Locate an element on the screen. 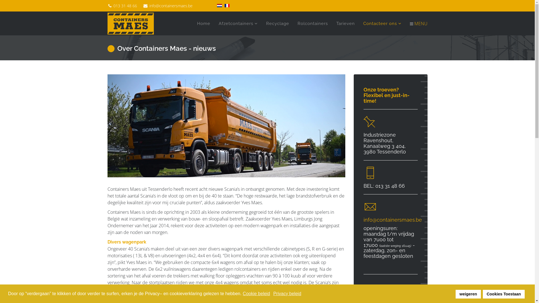 The height and width of the screenshot is (303, 539). 'weigeren' is located at coordinates (468, 294).